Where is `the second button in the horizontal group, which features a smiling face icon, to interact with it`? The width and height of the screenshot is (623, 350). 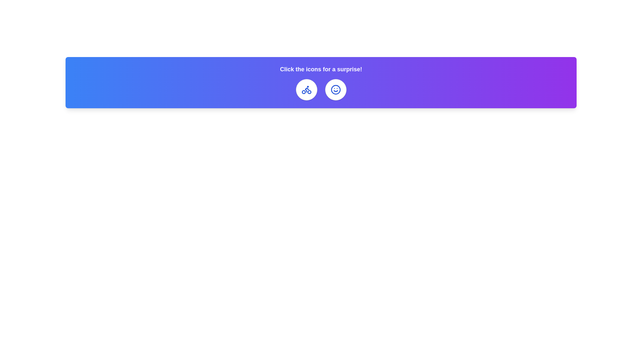
the second button in the horizontal group, which features a smiling face icon, to interact with it is located at coordinates (336, 90).